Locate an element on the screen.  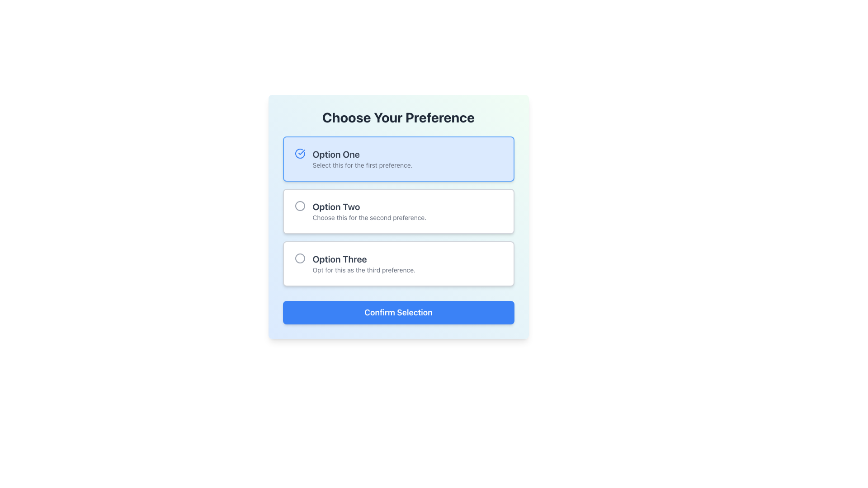
the 'Option Two' from the user preference selection interface by clicking on the corresponding text label component, which is formatted as a title and description within a card layout is located at coordinates (369, 211).